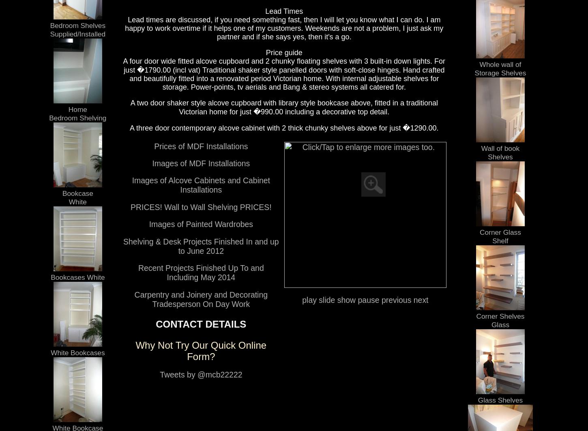 Image resolution: width=588 pixels, height=431 pixels. I want to click on 'A four door wide fitted alcove cupboard and 2 chunky floating shelves with 3 built-in down lights. For just �1790.00 (incl vat)
Traditional shaker style panelled doors with soft-close hinges. Hand crafted and beautifully fitted into a renovated period Victorian home.
With internal adjustable shelves for storage. Power-points, tv aerials and Bang & stereo systems all catered for.', so click(283, 73).